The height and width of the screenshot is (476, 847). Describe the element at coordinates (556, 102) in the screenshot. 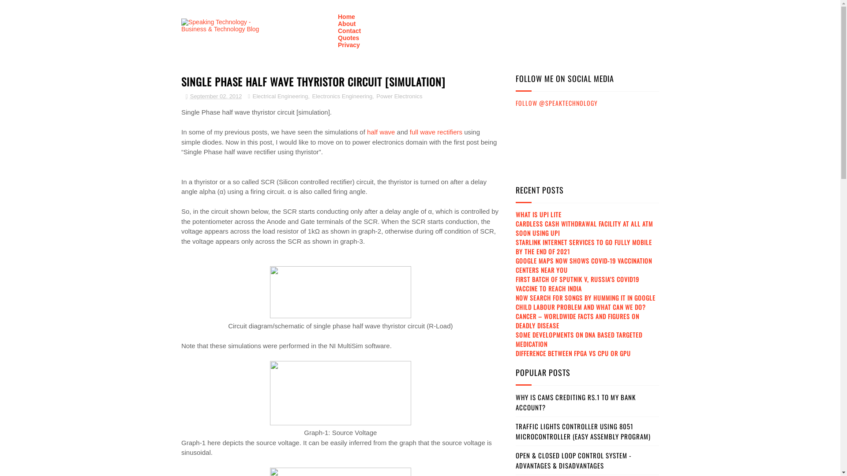

I see `'FOLLOW @SPEAKTECHNOLOGY'` at that location.